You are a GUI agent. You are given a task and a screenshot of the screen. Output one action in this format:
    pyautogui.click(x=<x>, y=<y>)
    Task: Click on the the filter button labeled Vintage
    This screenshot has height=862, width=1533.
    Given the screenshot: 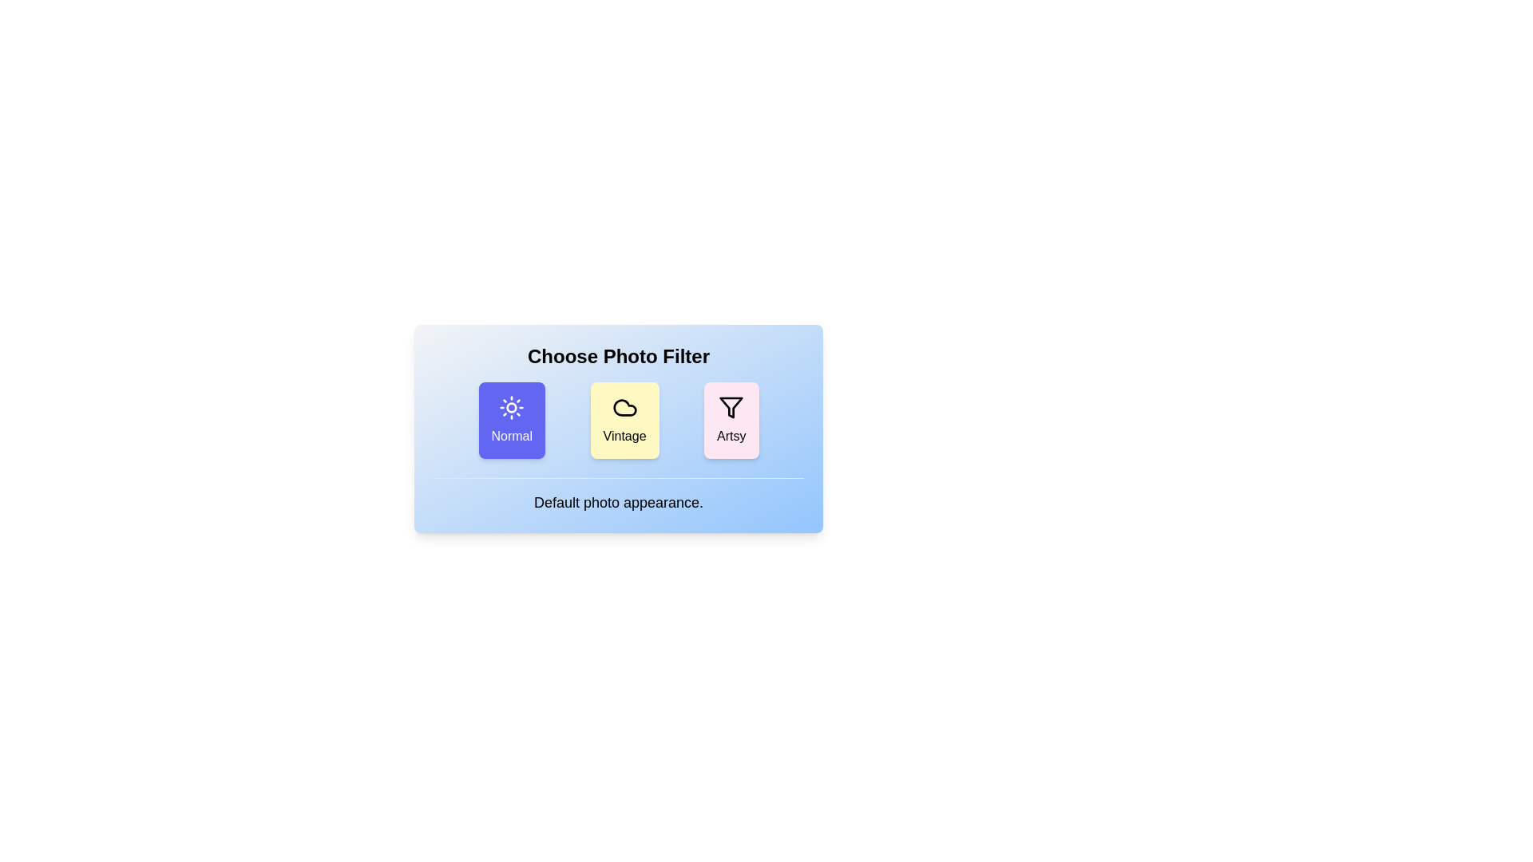 What is the action you would take?
    pyautogui.click(x=624, y=420)
    